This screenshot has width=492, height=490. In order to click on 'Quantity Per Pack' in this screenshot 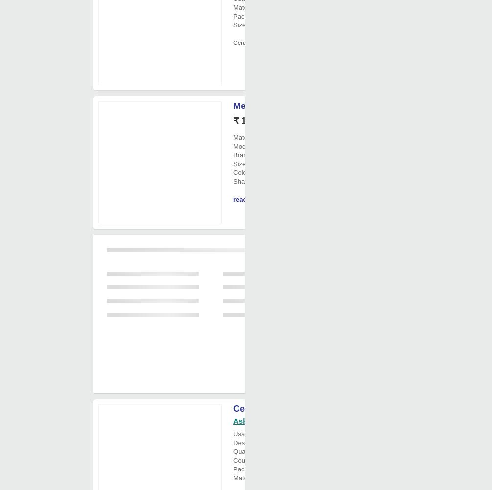, I will do `click(258, 451)`.